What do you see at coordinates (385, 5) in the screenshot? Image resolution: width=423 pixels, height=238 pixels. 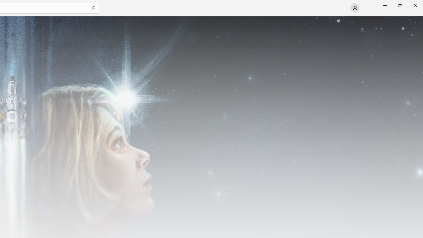 I see `'Minimize Microsoft Store'` at bounding box center [385, 5].